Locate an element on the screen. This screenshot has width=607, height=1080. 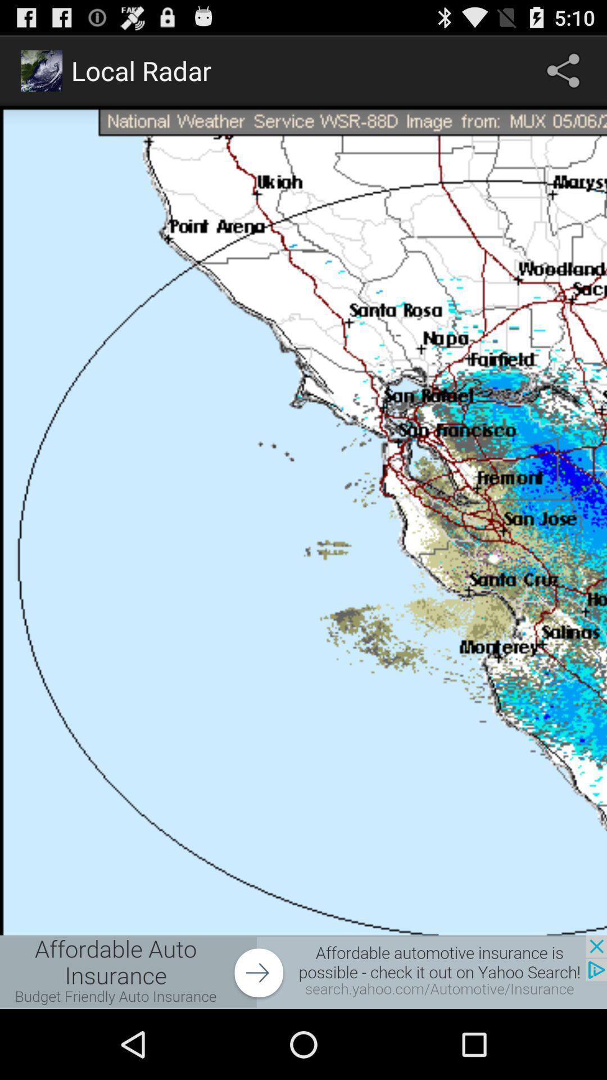
affordable auto insurance is located at coordinates (303, 971).